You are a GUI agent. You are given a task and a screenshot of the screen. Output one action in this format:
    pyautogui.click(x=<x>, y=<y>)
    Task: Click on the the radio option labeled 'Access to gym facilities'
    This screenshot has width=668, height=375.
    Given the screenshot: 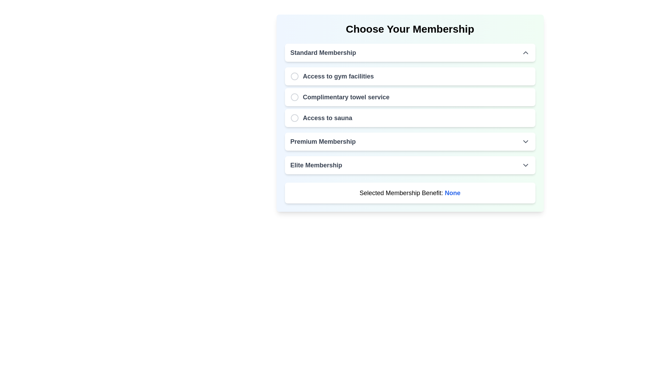 What is the action you would take?
    pyautogui.click(x=410, y=76)
    